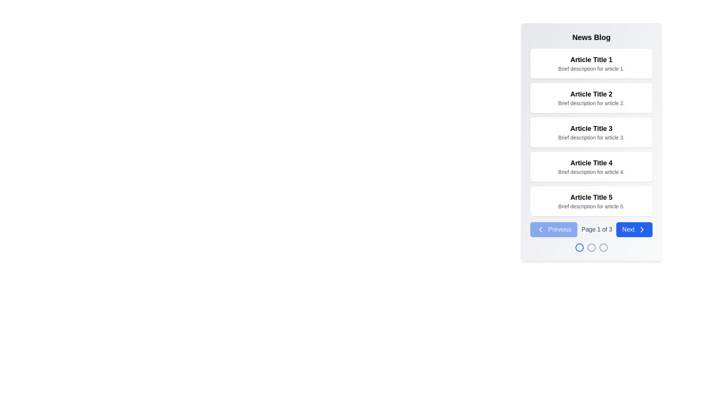 This screenshot has height=404, width=718. Describe the element at coordinates (642, 229) in the screenshot. I see `the chevron icon` at that location.